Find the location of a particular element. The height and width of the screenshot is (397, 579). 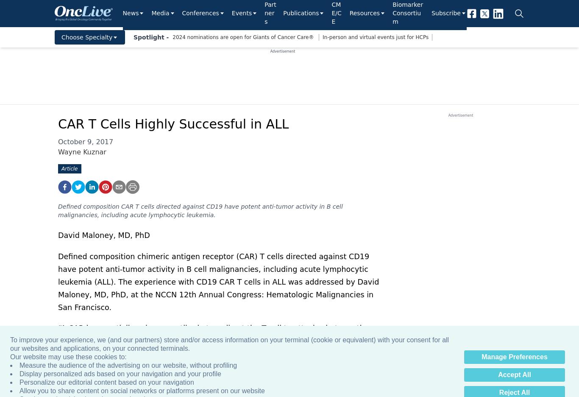

'In-person and virtual events just for HCPs' is located at coordinates (322, 36).